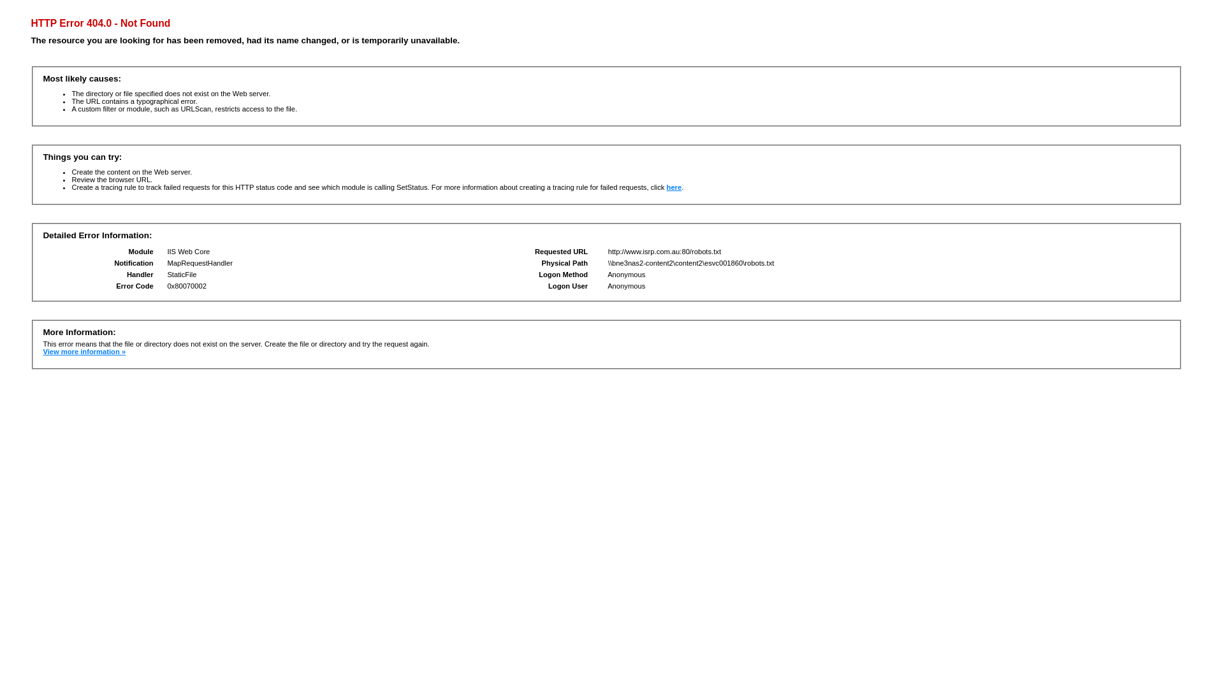  Describe the element at coordinates (673, 187) in the screenshot. I see `'here'` at that location.